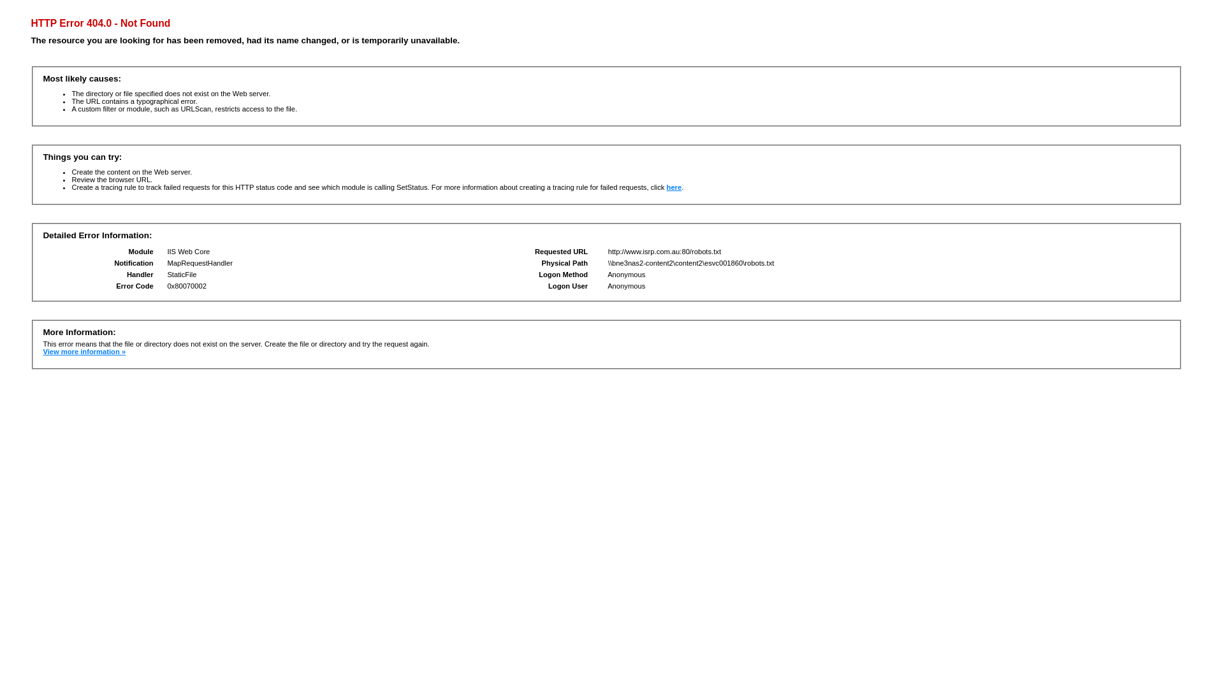  Describe the element at coordinates (673, 187) in the screenshot. I see `'here'` at that location.